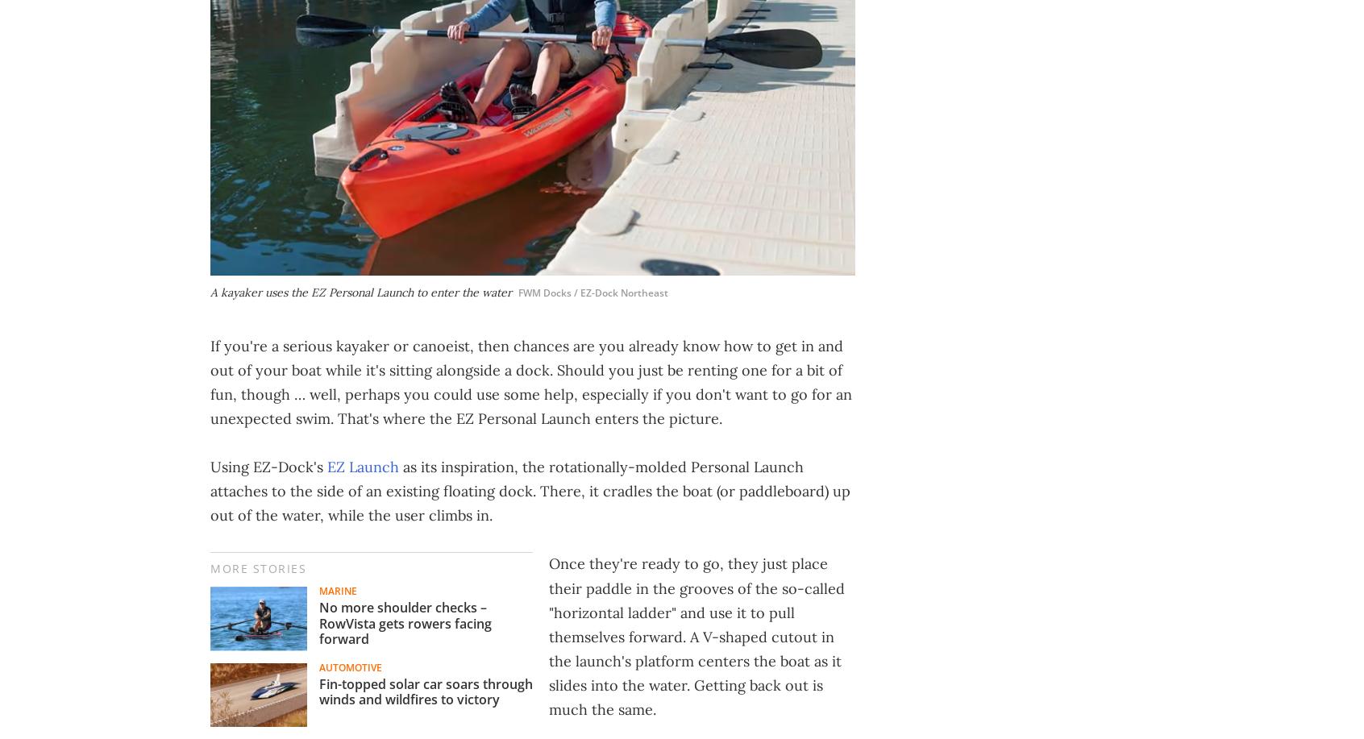 This screenshot has width=1364, height=739. I want to click on 'Automotive', so click(350, 666).